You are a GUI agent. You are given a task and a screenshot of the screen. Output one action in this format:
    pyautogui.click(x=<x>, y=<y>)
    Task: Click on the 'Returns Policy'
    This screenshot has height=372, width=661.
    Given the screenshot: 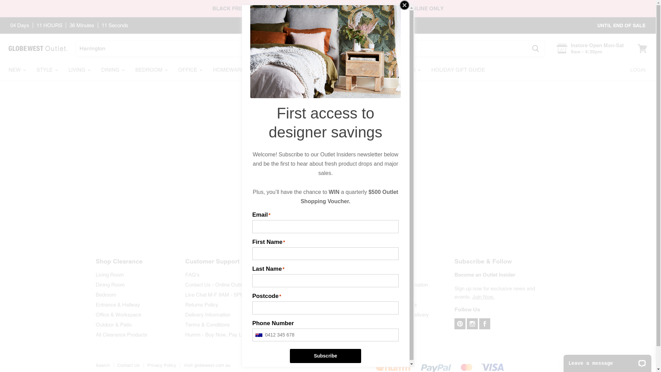 What is the action you would take?
    pyautogui.click(x=201, y=304)
    